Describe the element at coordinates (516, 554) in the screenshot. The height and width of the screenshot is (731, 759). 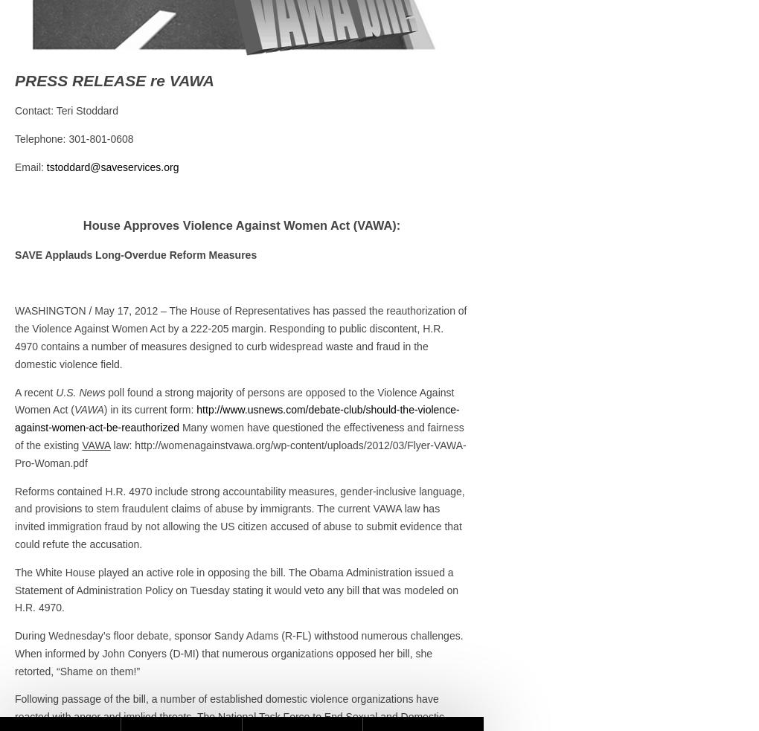
I see `'Issues'` at that location.